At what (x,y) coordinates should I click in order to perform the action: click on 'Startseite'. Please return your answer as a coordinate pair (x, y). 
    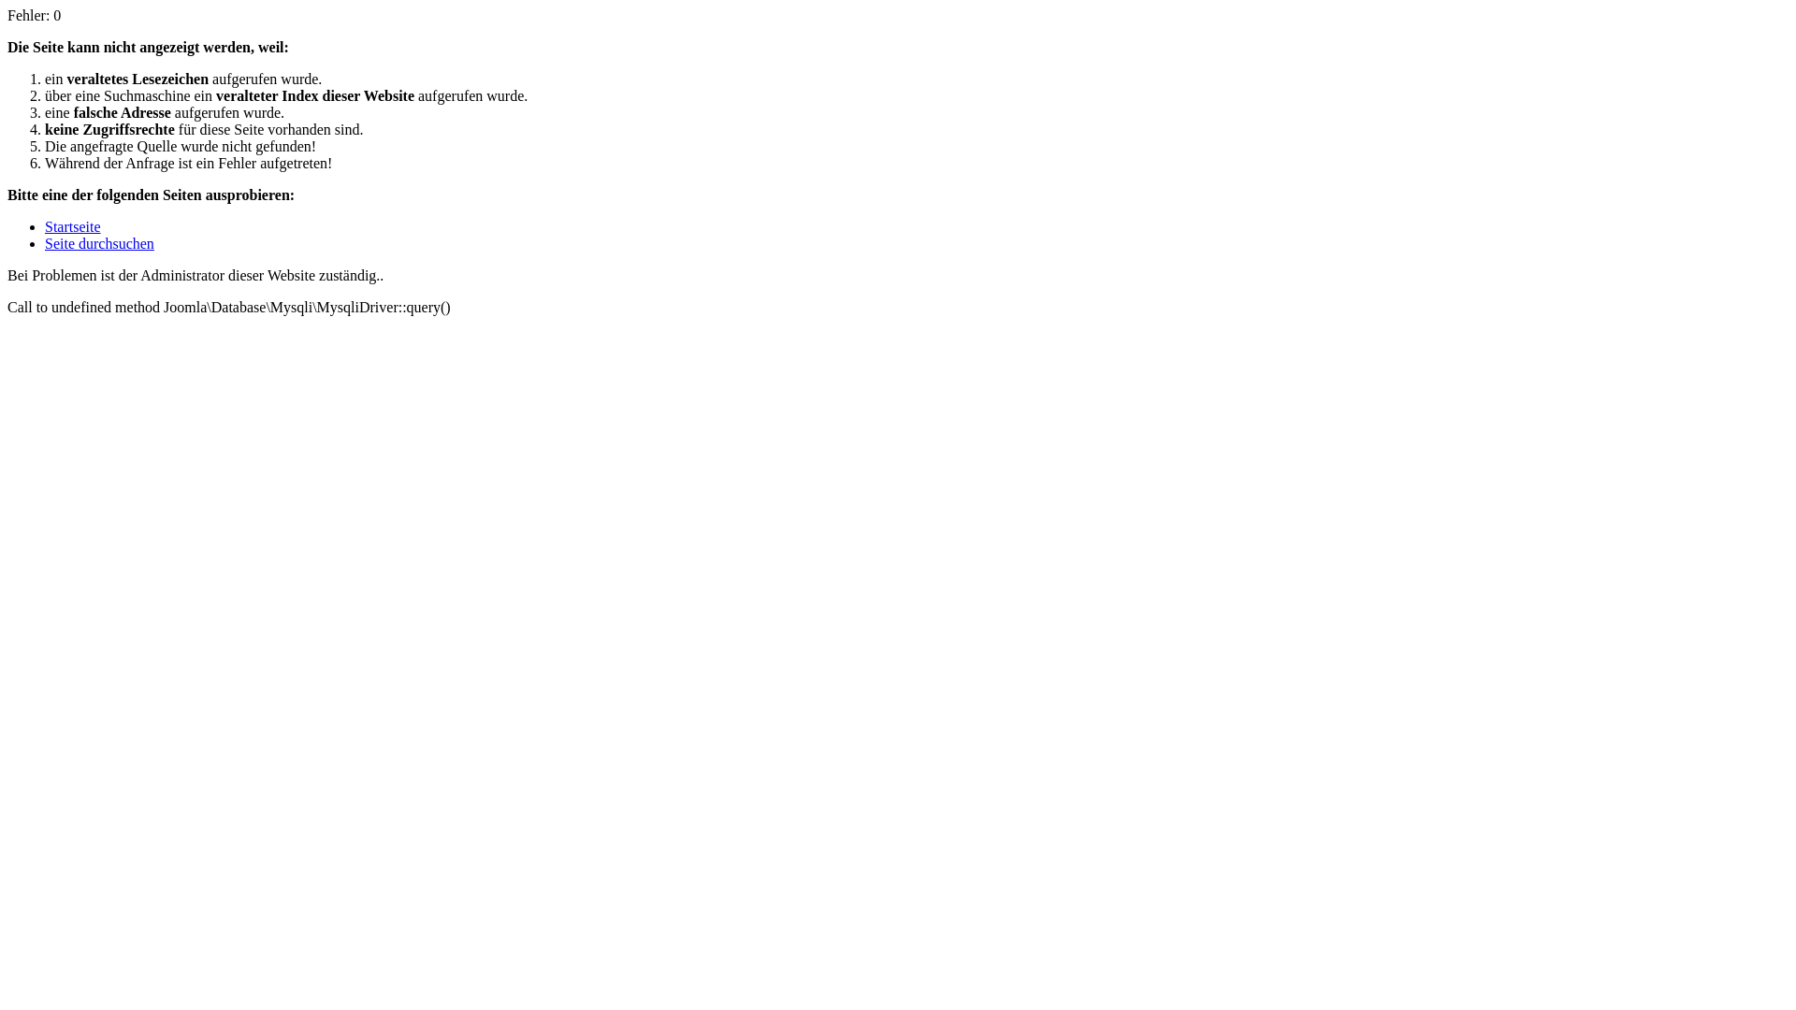
    Looking at the image, I should click on (72, 225).